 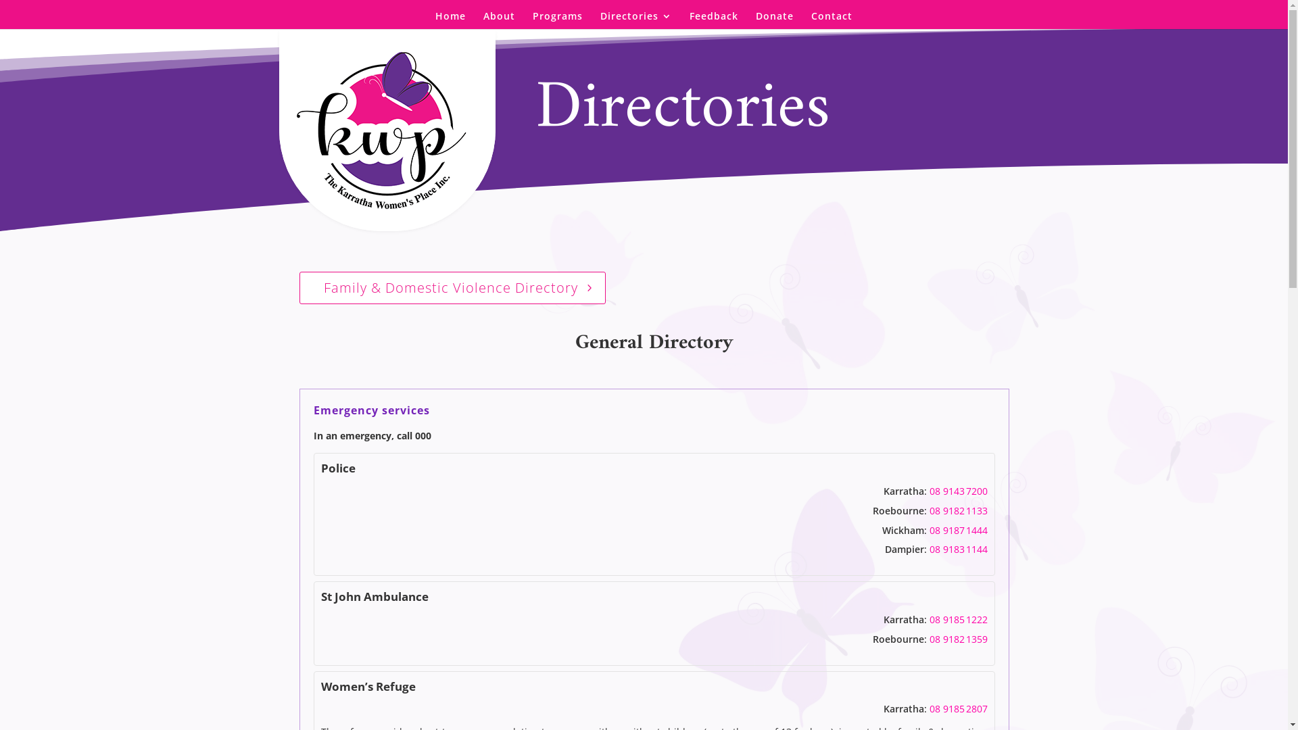 What do you see at coordinates (775, 20) in the screenshot?
I see `'Donate'` at bounding box center [775, 20].